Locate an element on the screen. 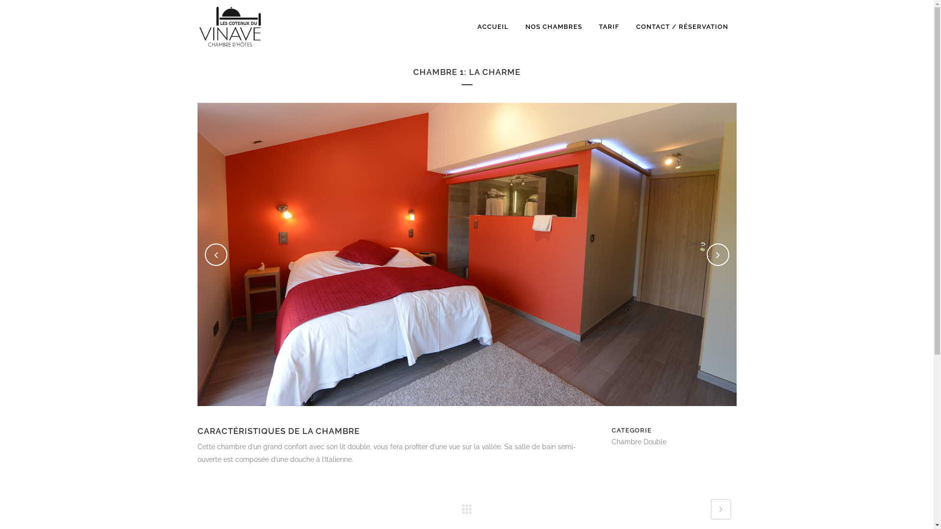 Image resolution: width=941 pixels, height=529 pixels. 'ACCUEIL' is located at coordinates (492, 26).